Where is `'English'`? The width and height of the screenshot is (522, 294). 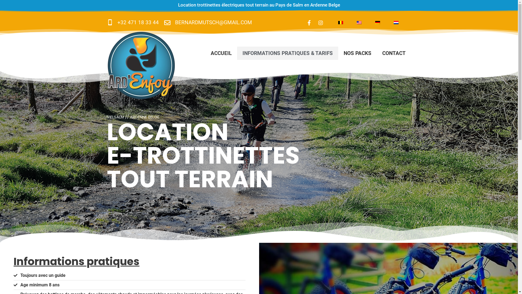 'English' is located at coordinates (359, 22).